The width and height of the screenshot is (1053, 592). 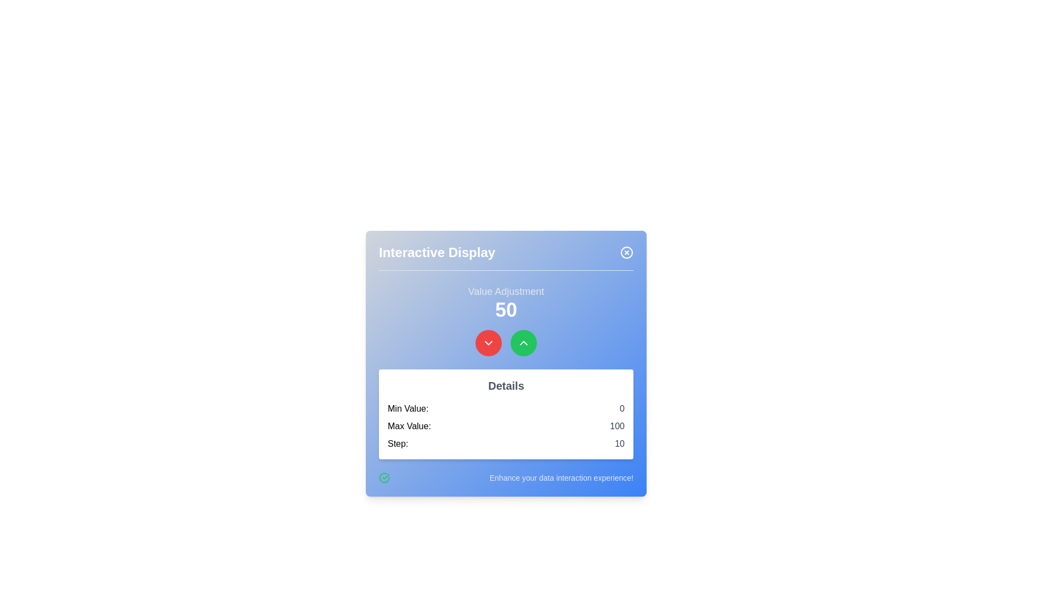 What do you see at coordinates (505, 477) in the screenshot?
I see `text 'Enhance your data interaction experience!' displayed at the bottom of the 'Interactive Display' card, next to the green circular checkmark icon` at bounding box center [505, 477].